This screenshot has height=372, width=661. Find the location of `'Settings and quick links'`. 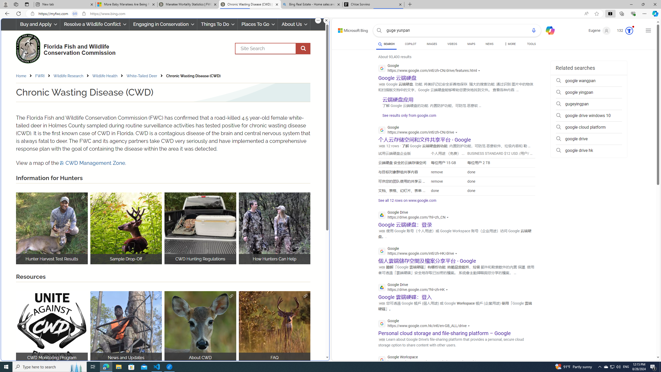

'Settings and quick links' is located at coordinates (648, 30).